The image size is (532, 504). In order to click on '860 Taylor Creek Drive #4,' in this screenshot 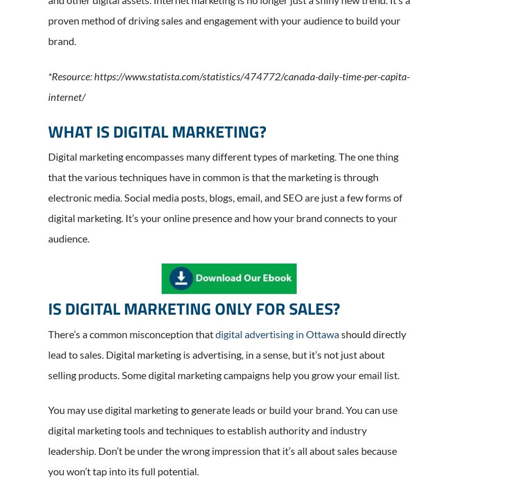, I will do `click(214, 356)`.